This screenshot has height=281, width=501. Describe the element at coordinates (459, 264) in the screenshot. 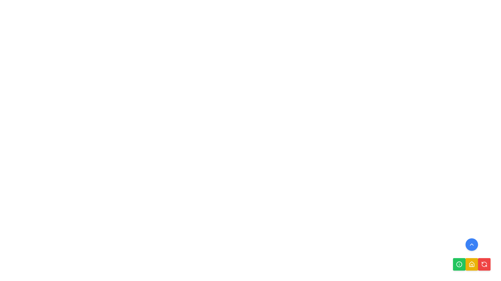

I see `the green rectangular button with rounded corners featuring a white circular 'i' icon` at that location.